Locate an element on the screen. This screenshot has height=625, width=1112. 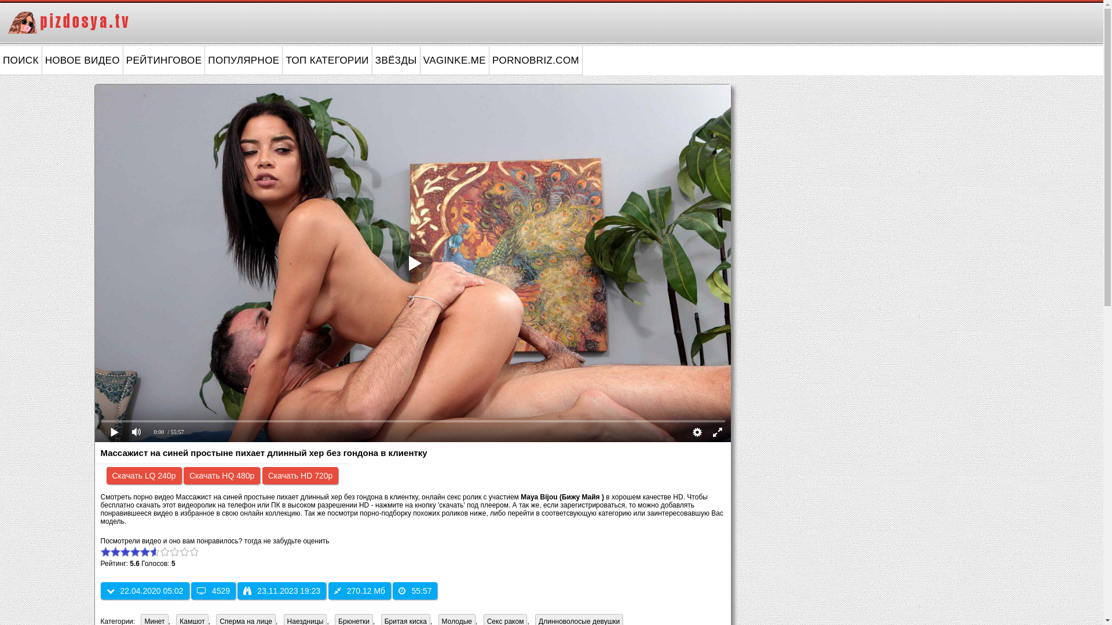
'VAGINKE.ME' is located at coordinates (454, 60).